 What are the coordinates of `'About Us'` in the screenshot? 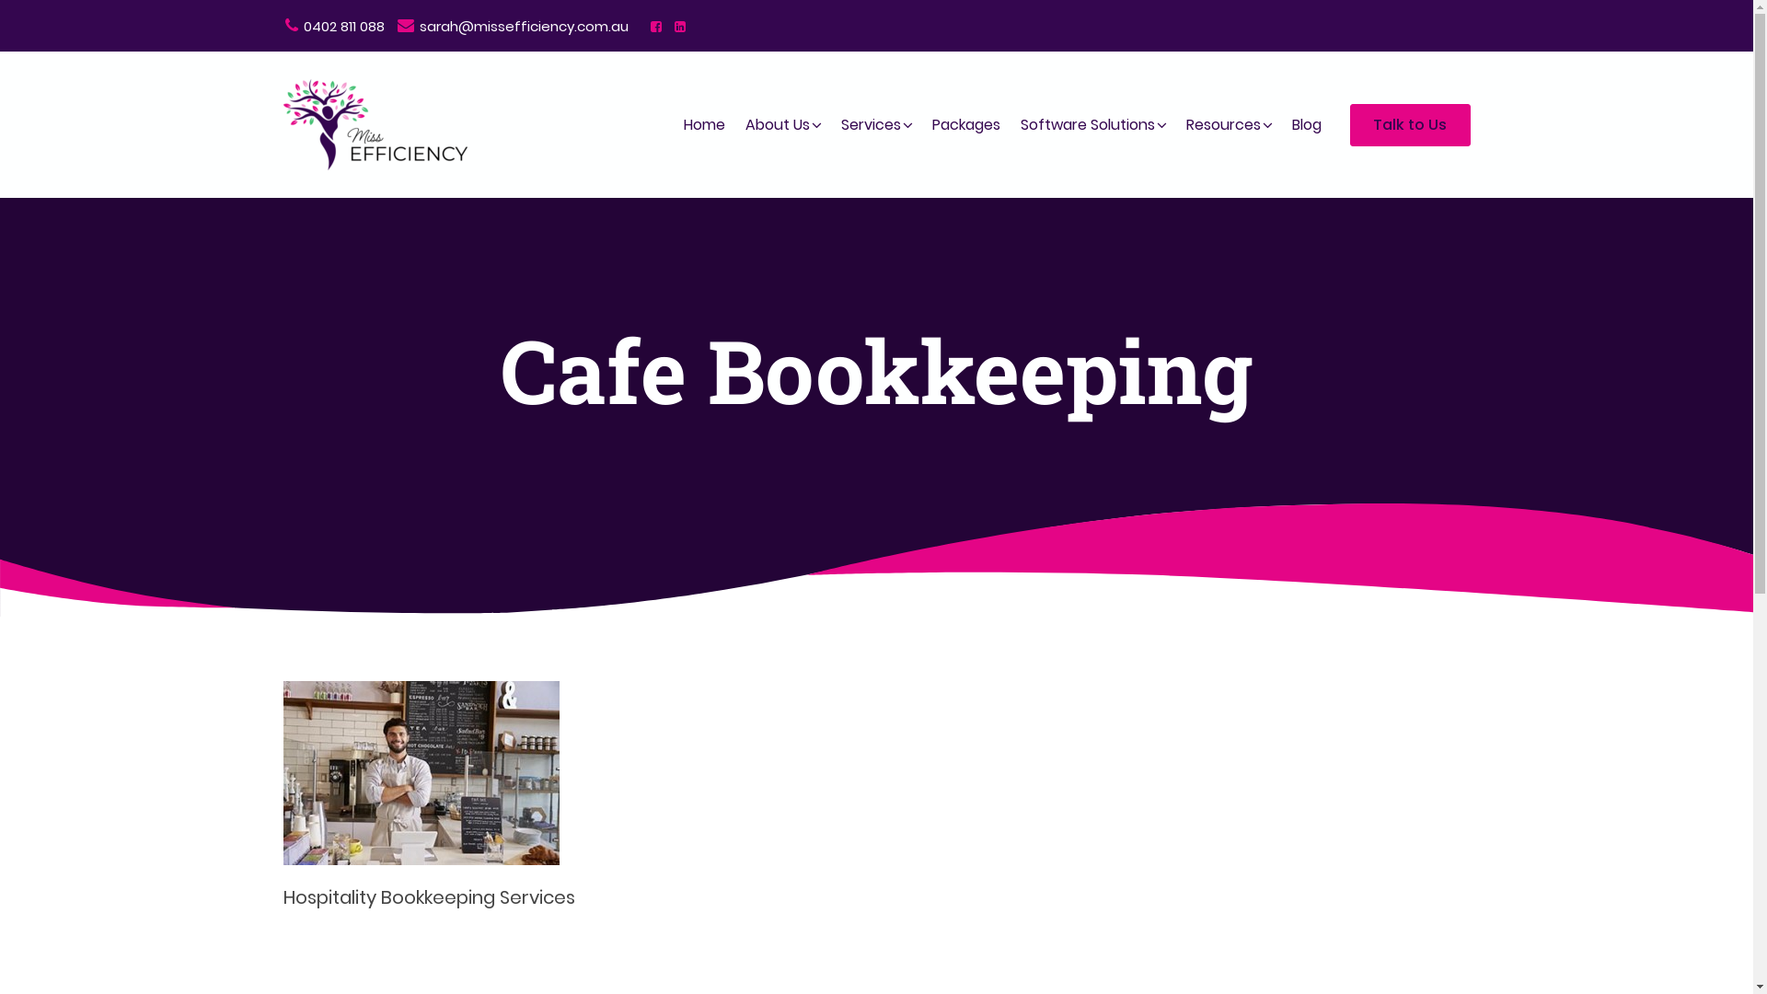 It's located at (777, 124).